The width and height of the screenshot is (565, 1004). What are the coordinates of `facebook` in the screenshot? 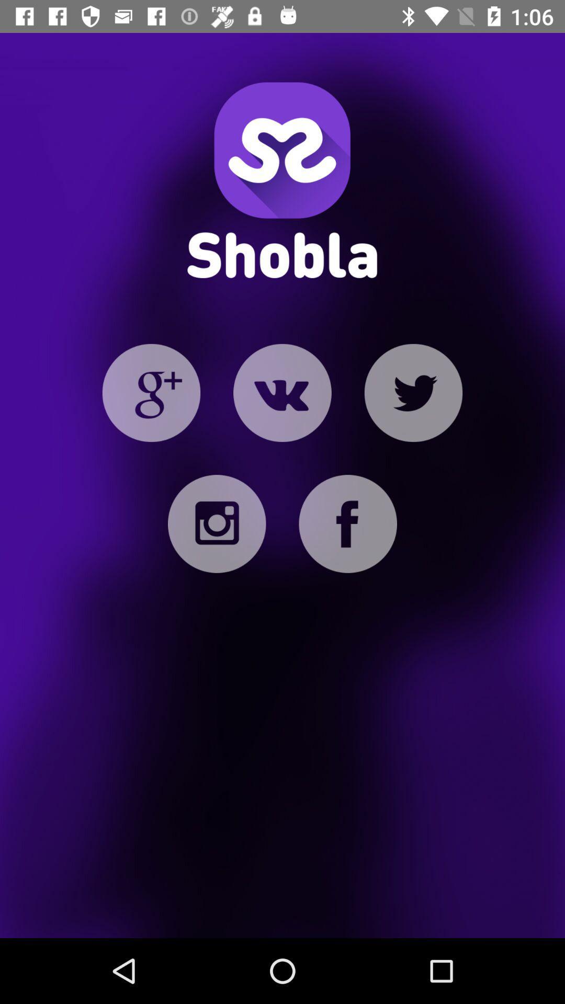 It's located at (348, 524).